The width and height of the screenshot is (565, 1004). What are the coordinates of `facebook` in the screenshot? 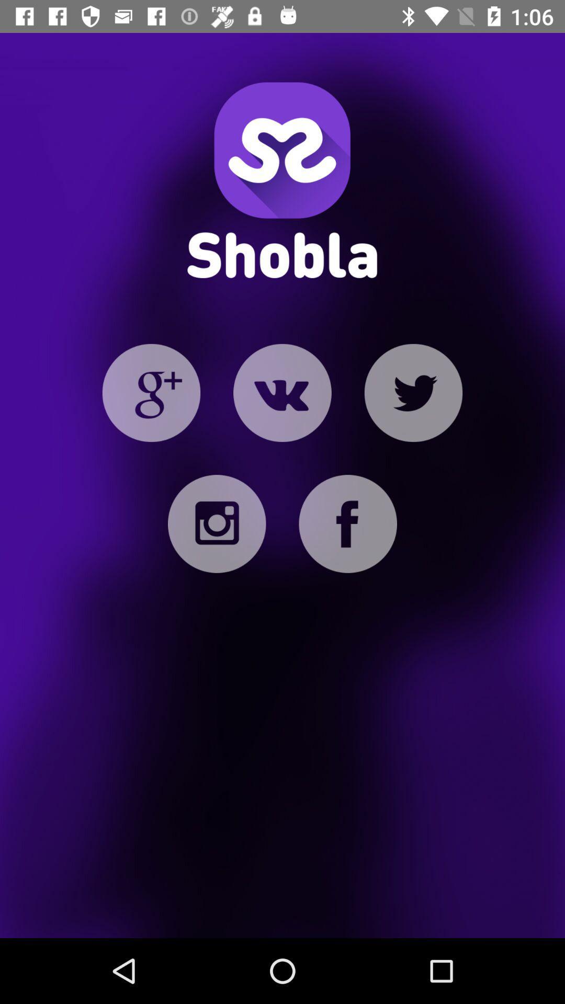 It's located at (348, 524).